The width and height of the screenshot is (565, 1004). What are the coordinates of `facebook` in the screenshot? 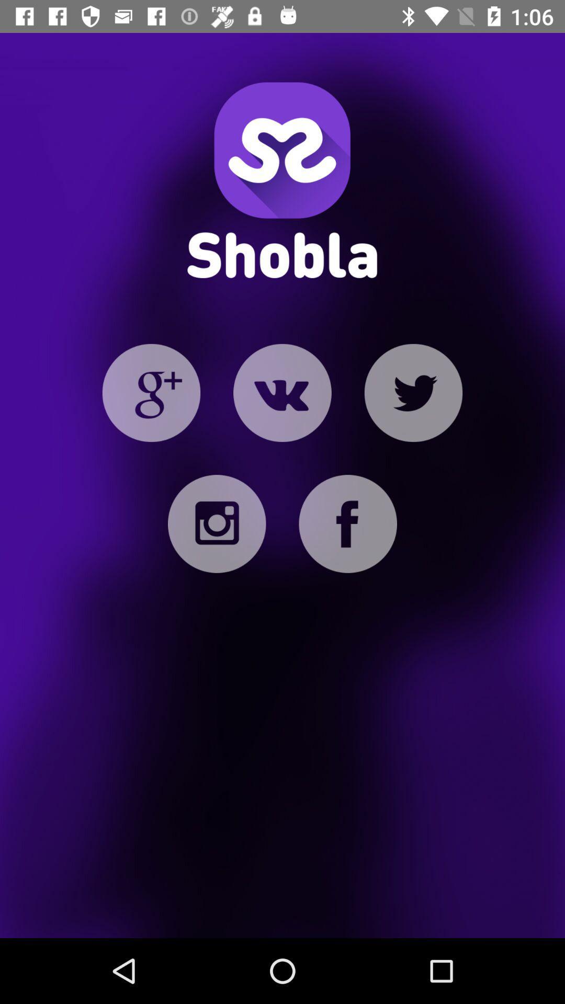 It's located at (348, 524).